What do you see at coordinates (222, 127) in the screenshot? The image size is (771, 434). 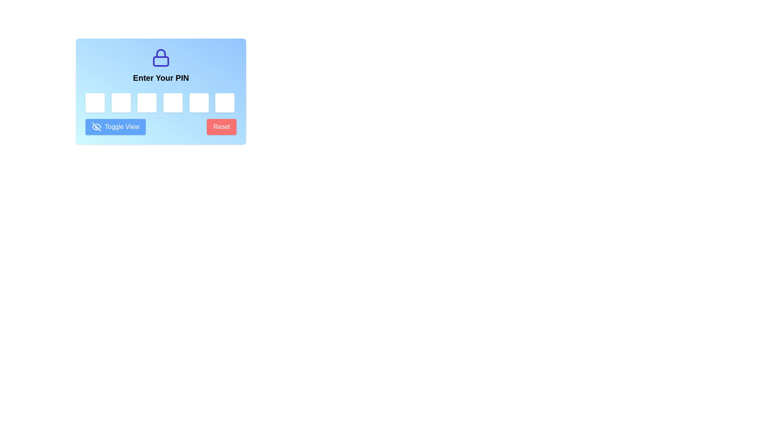 I see `the reset button located in the bottom-right corner of the blue card UI component to observe the hover effect` at bounding box center [222, 127].